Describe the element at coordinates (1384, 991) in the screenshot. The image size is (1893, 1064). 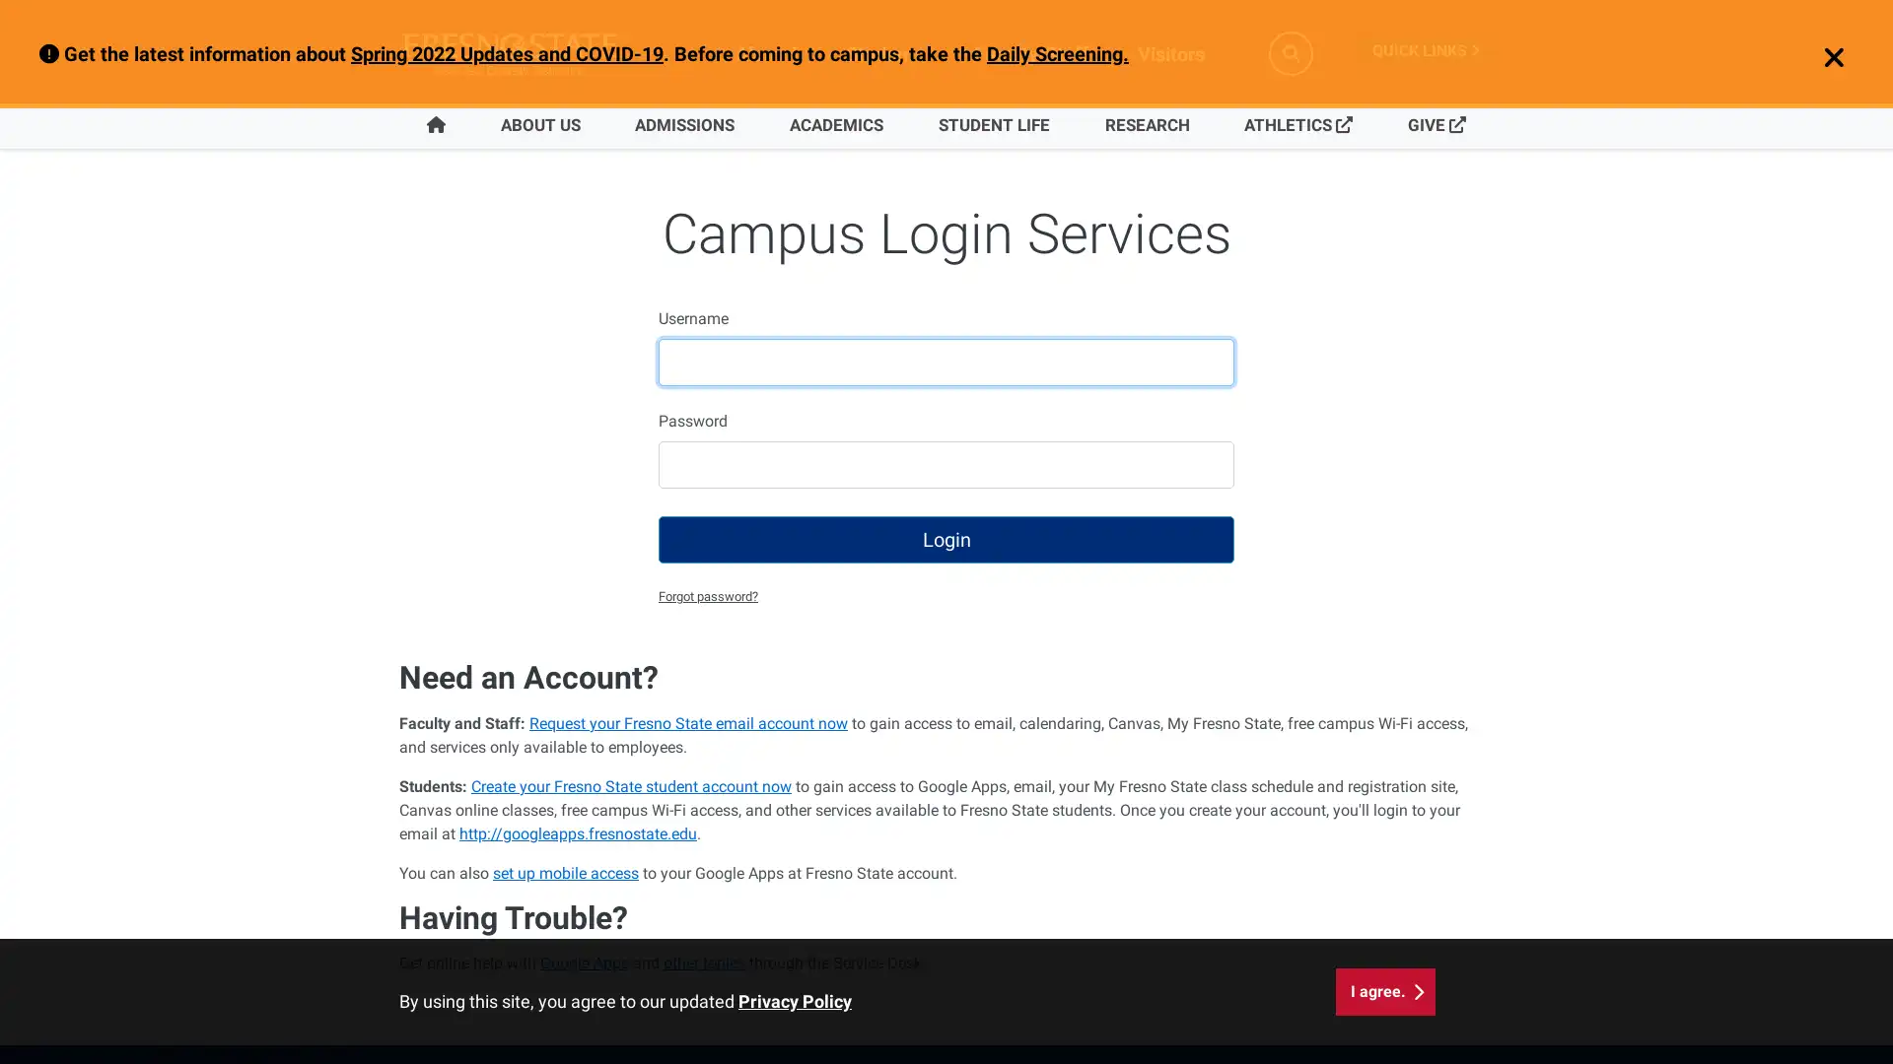
I see `dismiss cookie message` at that location.